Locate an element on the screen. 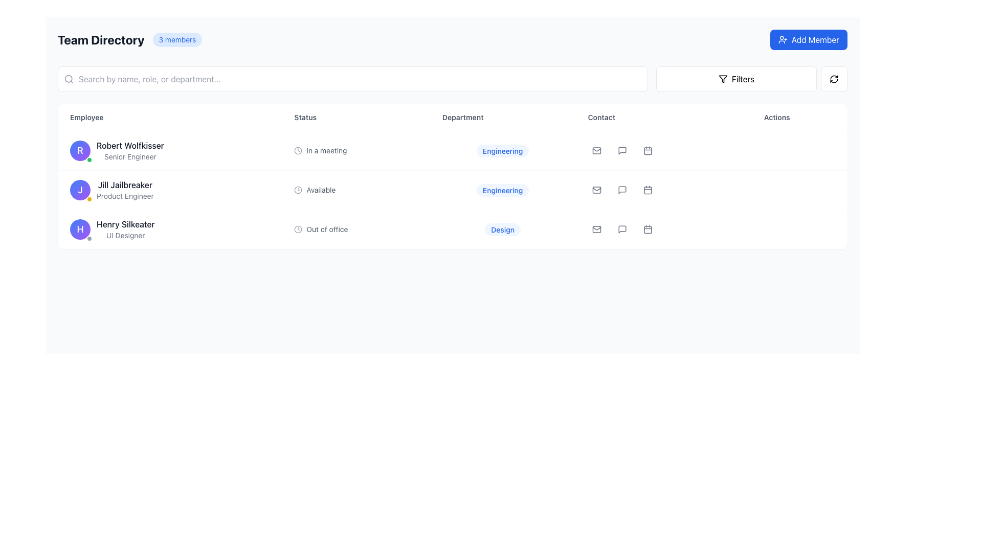 This screenshot has width=982, height=552. the refresh icon represented by two circular arrows within the rounded square button located in the top-right corner of the layout, to refresh the content is located at coordinates (834, 78).